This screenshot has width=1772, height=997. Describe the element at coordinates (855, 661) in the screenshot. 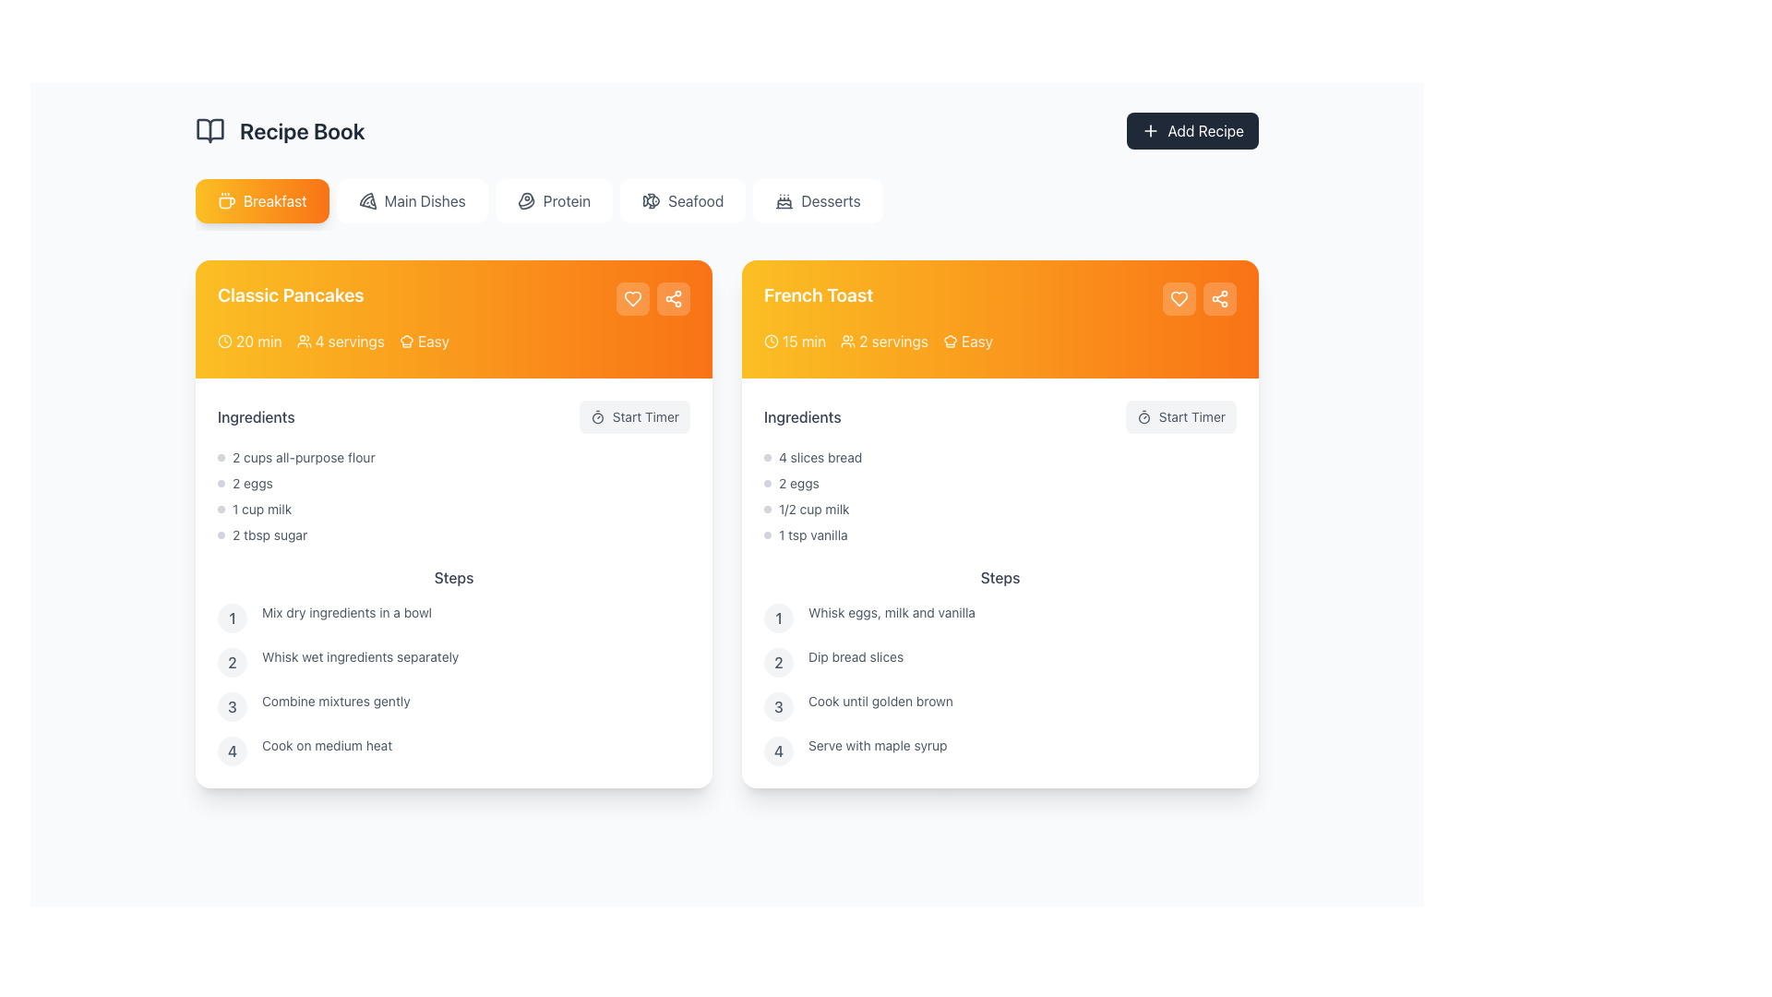

I see `the text label displaying the second step in the recipe preparation instructions for 'French Toast', located in the 'Steps' section of the recipe card` at that location.